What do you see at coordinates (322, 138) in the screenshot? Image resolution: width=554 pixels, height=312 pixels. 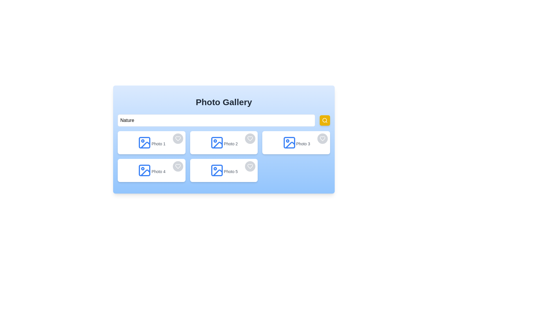 I see `the heart icon in the top-right corner of the card for 'Photo 3' in the photo gallery, which represents a 'like' or 'favorite' feature` at bounding box center [322, 138].